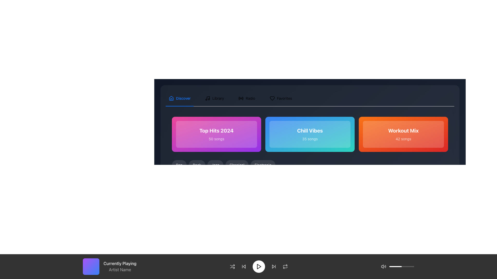  What do you see at coordinates (280, 98) in the screenshot?
I see `the 'Favorites' tab in the horizontal tab bar at the top of the interface` at bounding box center [280, 98].